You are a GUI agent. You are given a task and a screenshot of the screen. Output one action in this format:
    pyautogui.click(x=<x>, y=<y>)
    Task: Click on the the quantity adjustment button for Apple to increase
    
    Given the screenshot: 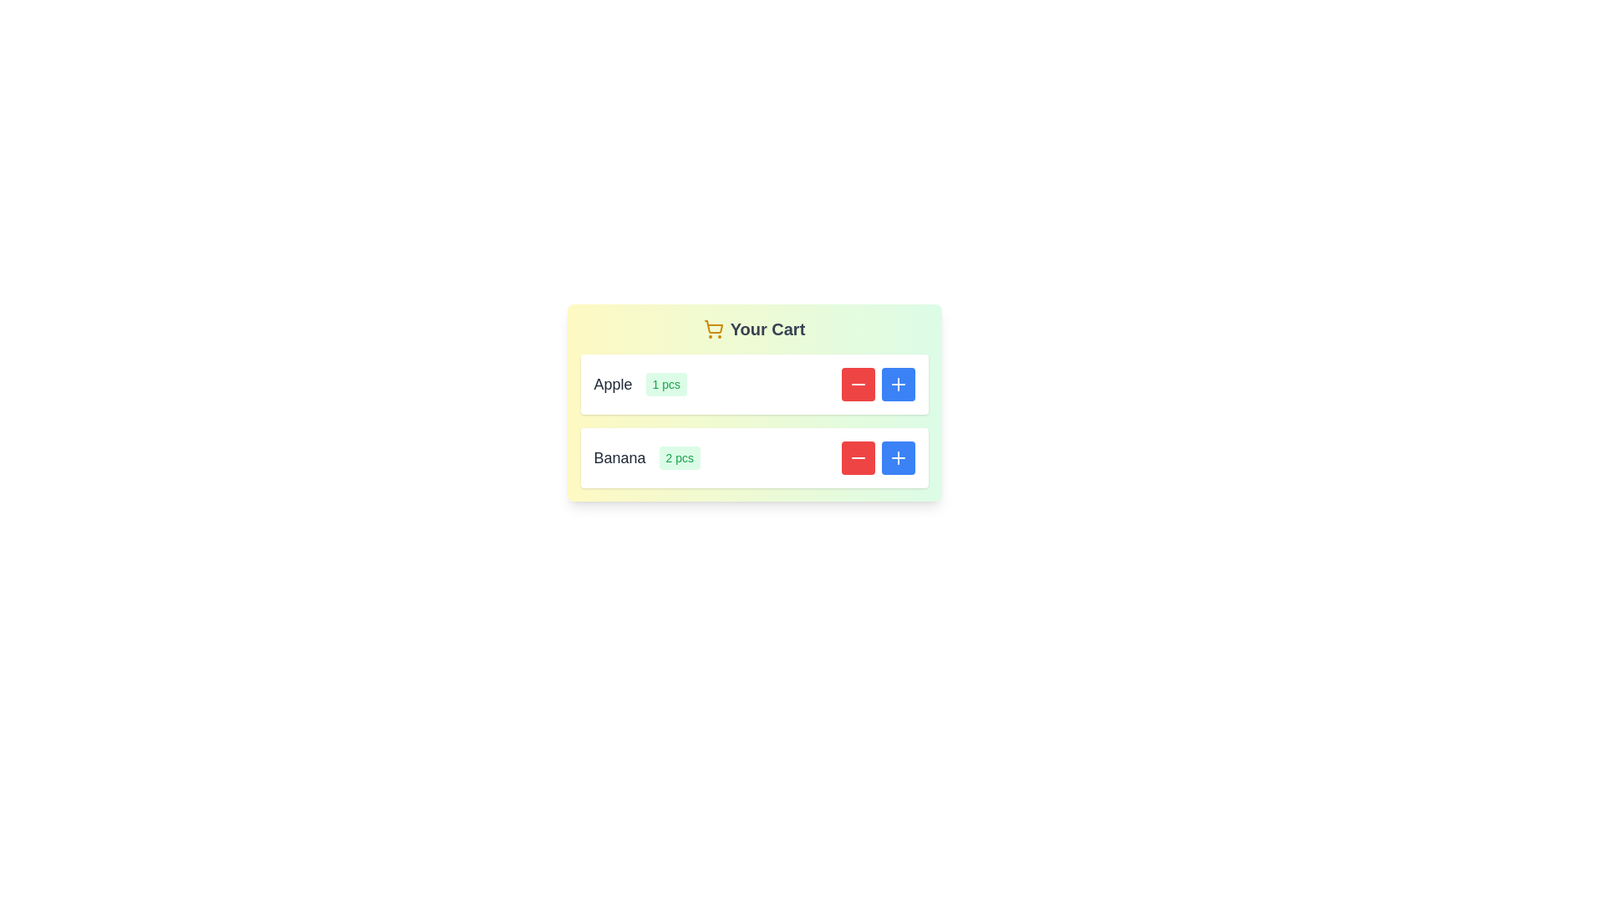 What is the action you would take?
    pyautogui.click(x=897, y=384)
    